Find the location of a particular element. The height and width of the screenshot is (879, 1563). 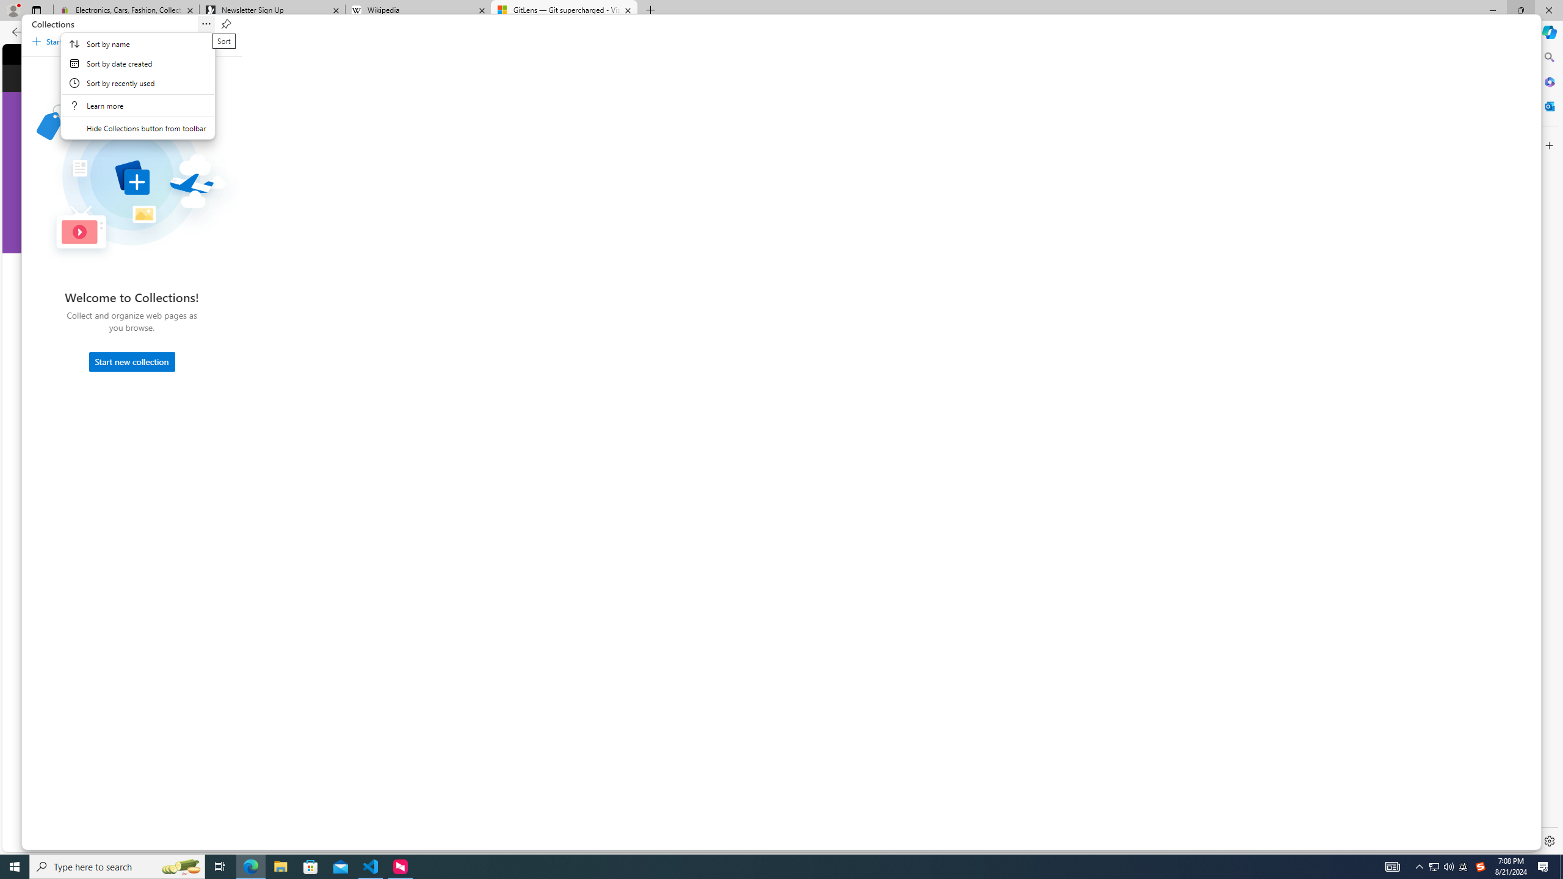

'Sort by recently used' is located at coordinates (137, 82).